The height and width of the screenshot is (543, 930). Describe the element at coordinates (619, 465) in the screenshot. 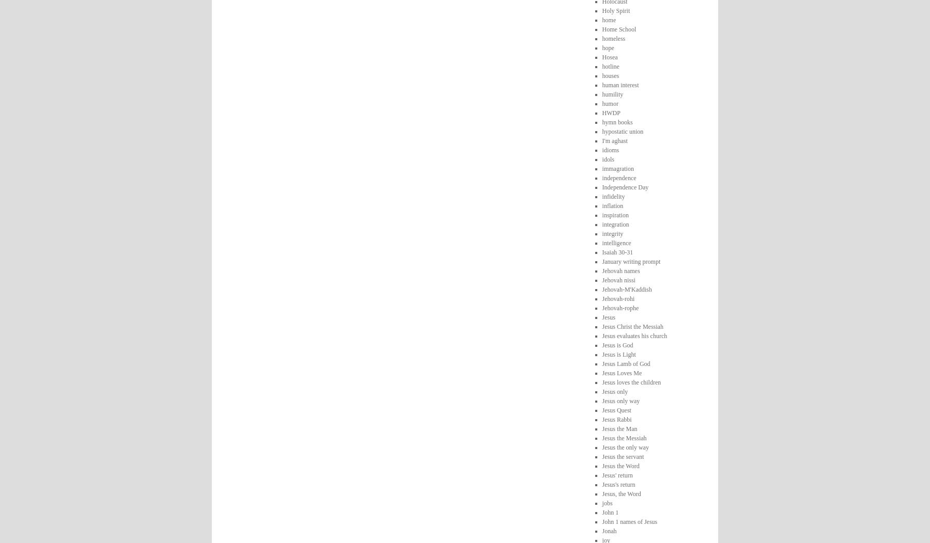

I see `'Jesus the Word'` at that location.